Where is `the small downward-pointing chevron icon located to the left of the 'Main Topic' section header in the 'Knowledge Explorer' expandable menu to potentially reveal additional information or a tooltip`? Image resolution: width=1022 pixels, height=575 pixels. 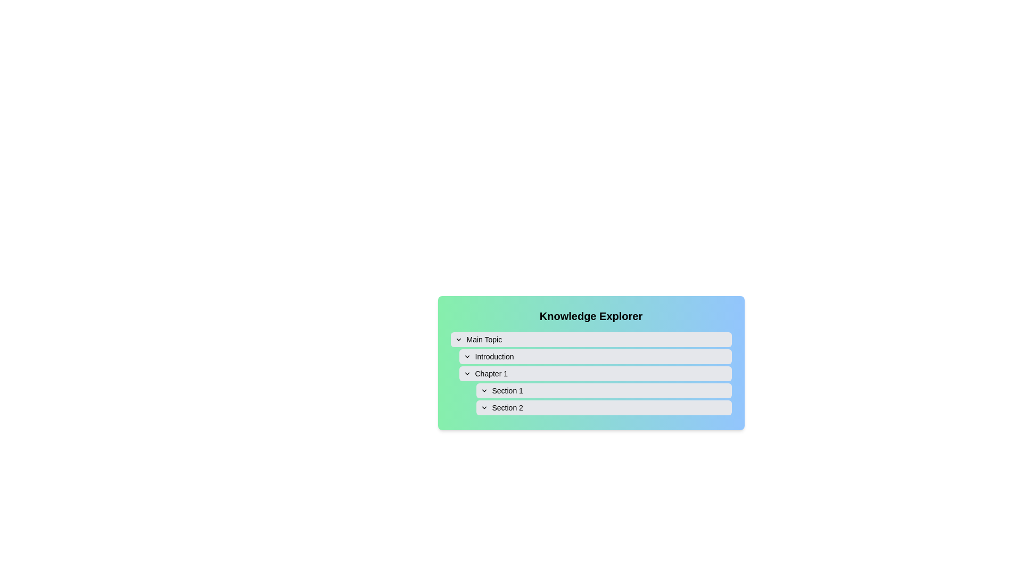 the small downward-pointing chevron icon located to the left of the 'Main Topic' section header in the 'Knowledge Explorer' expandable menu to potentially reveal additional information or a tooltip is located at coordinates (458, 339).